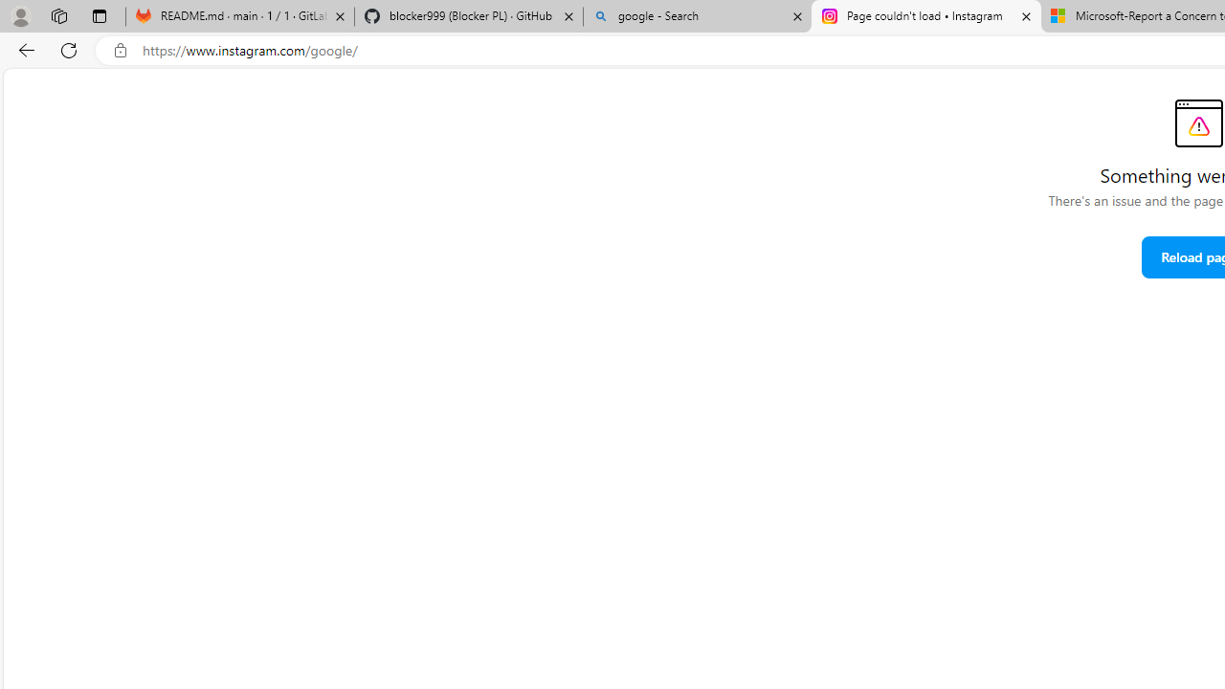 Image resolution: width=1225 pixels, height=689 pixels. What do you see at coordinates (1197, 122) in the screenshot?
I see `'Error'` at bounding box center [1197, 122].